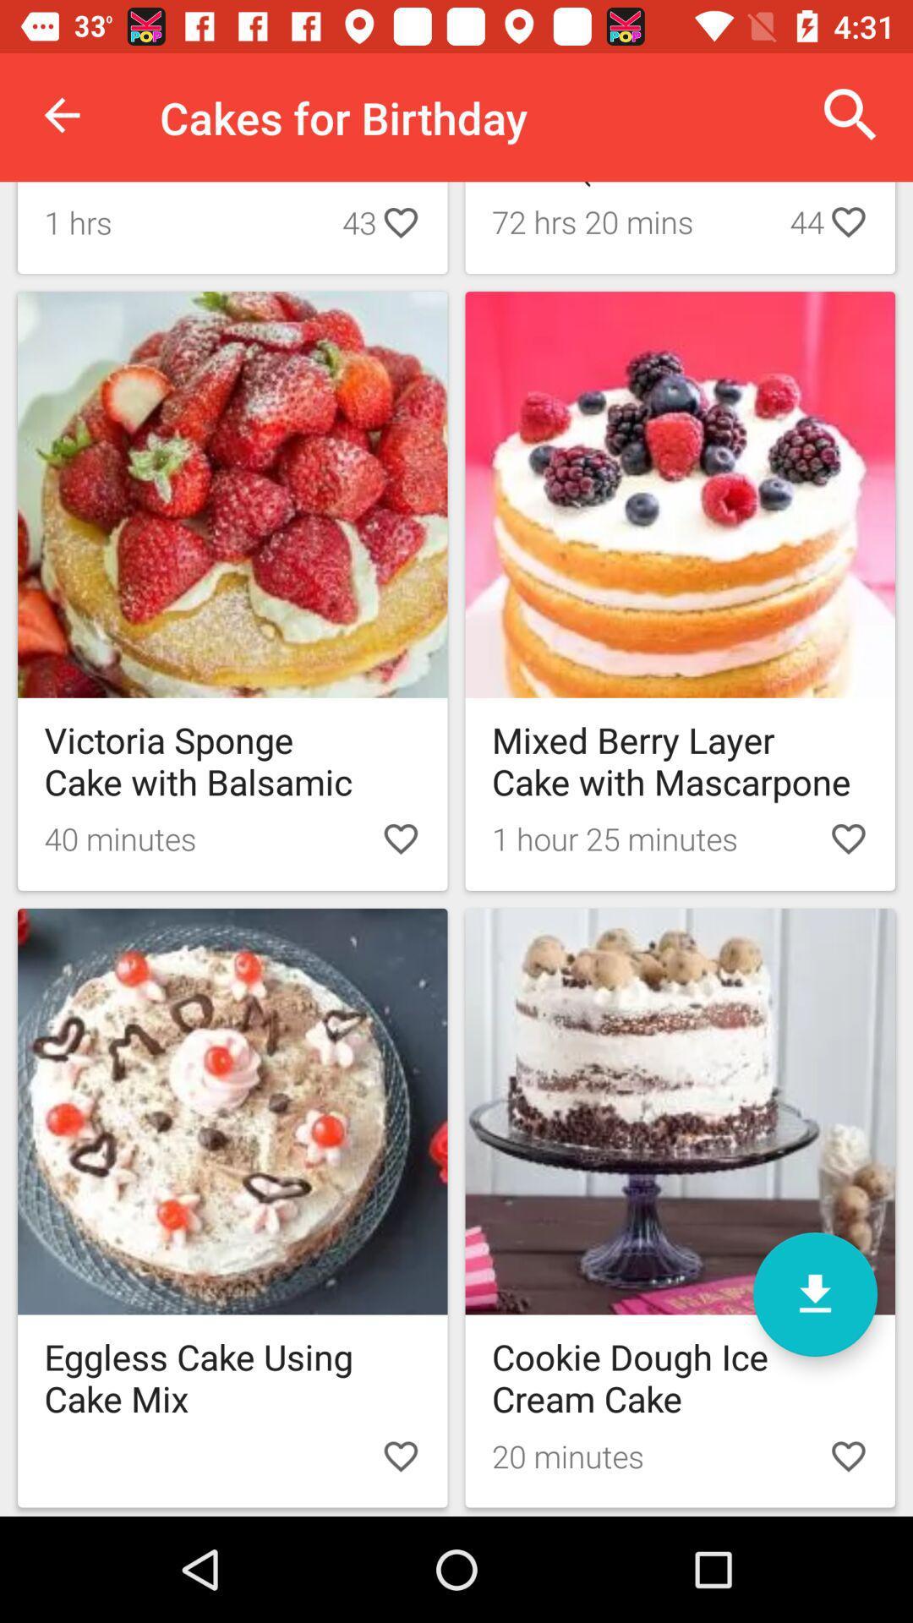 This screenshot has width=913, height=1623. I want to click on item to the left of the cakes for birthday item, so click(61, 114).